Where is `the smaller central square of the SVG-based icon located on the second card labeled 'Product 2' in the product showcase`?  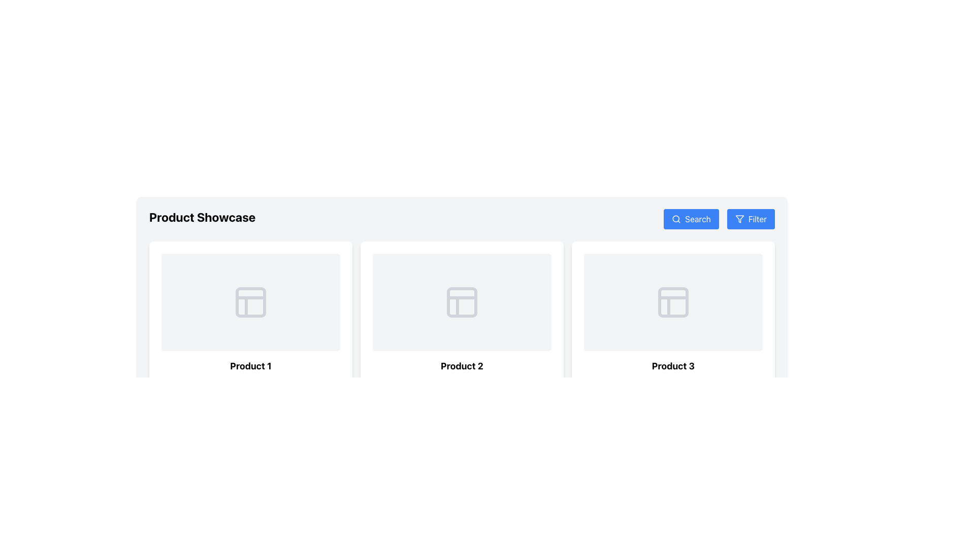
the smaller central square of the SVG-based icon located on the second card labeled 'Product 2' in the product showcase is located at coordinates (462, 302).